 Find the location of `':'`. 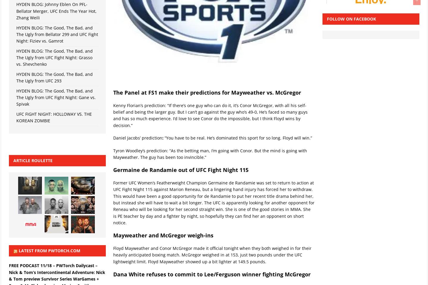

':' is located at coordinates (163, 138).